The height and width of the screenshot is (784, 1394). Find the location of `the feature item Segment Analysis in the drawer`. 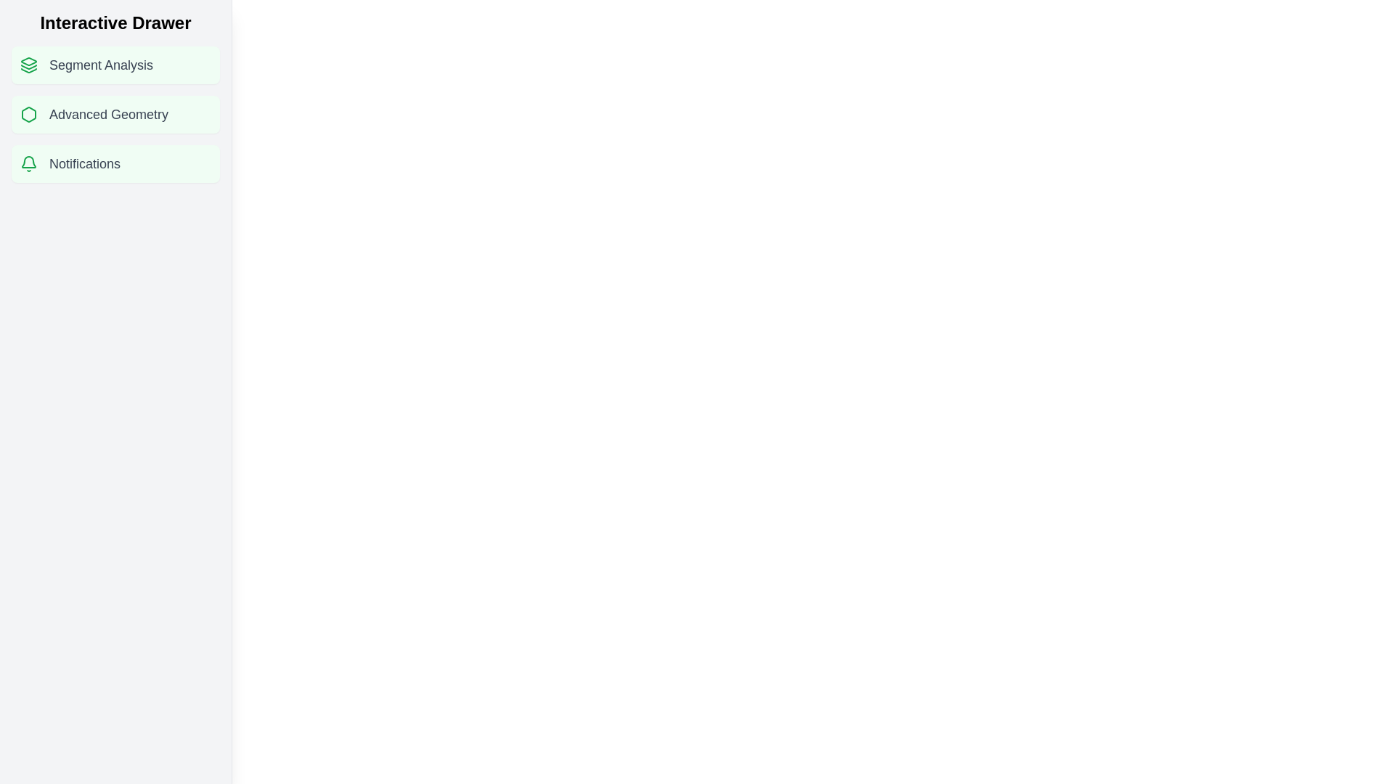

the feature item Segment Analysis in the drawer is located at coordinates (115, 64).